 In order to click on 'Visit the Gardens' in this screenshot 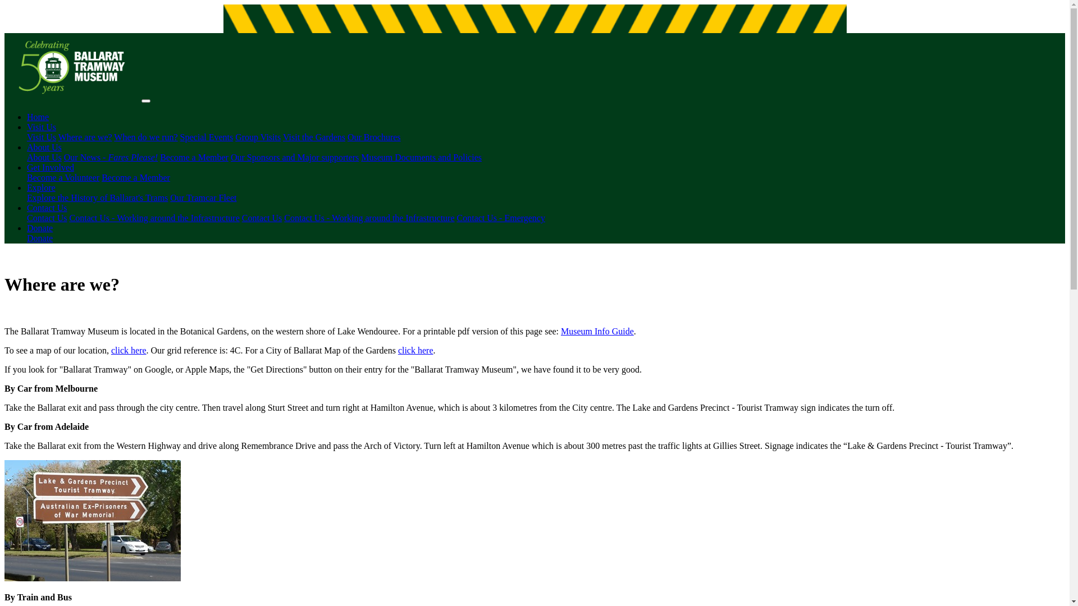, I will do `click(314, 136)`.